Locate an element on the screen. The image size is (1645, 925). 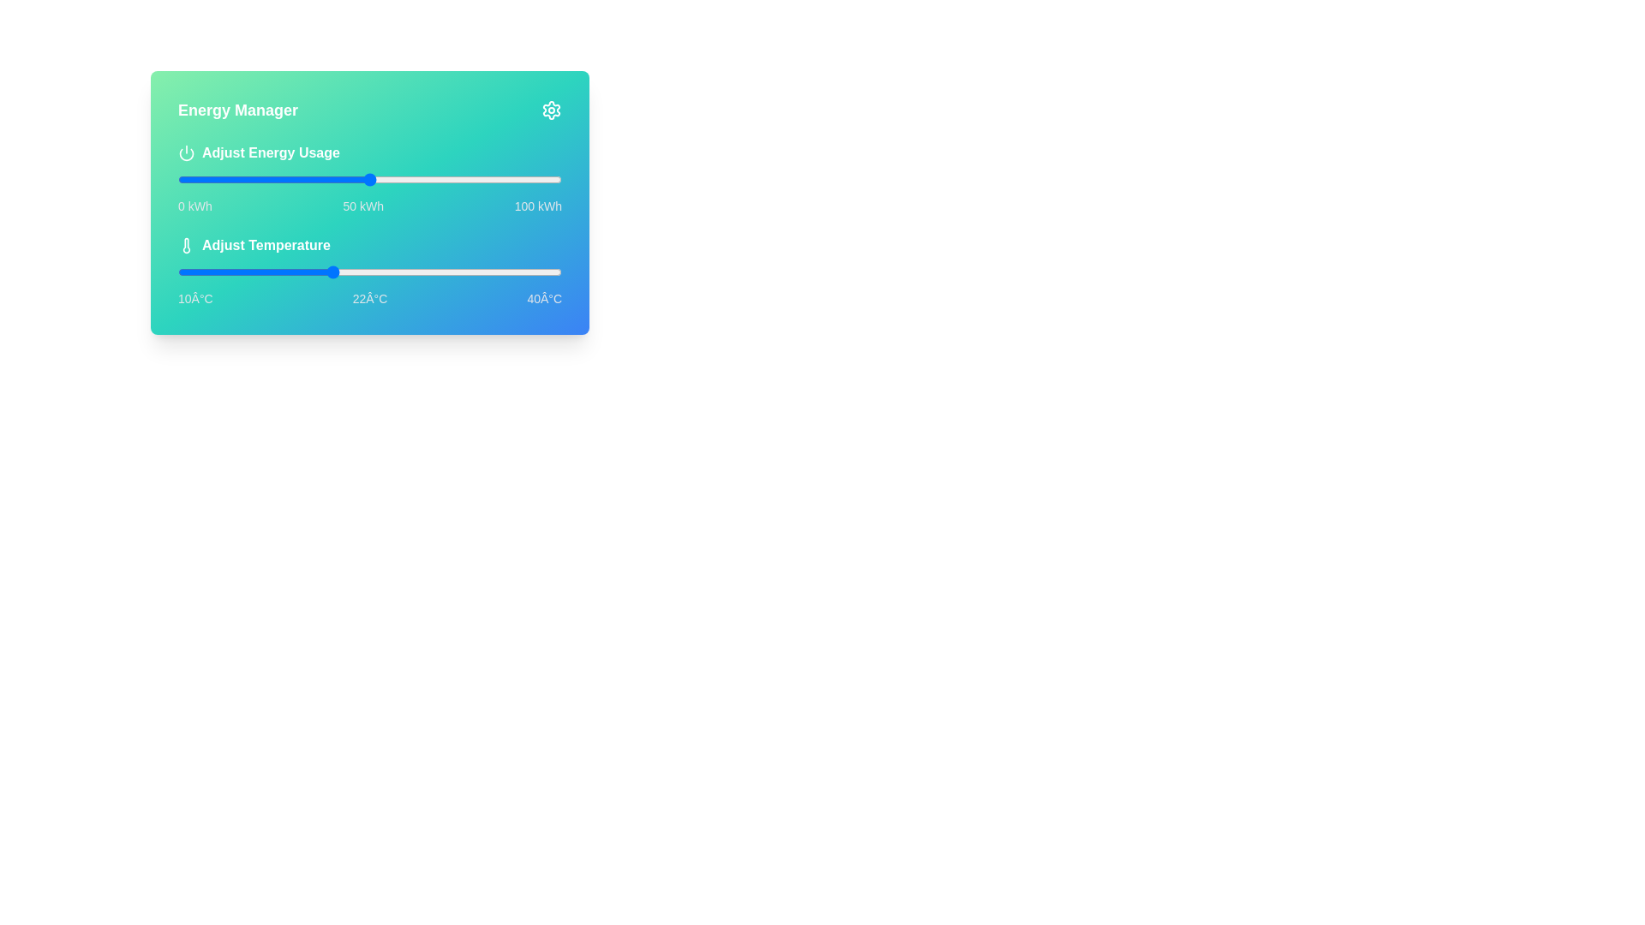
the energy usage slider to 0 kWh is located at coordinates (177, 179).